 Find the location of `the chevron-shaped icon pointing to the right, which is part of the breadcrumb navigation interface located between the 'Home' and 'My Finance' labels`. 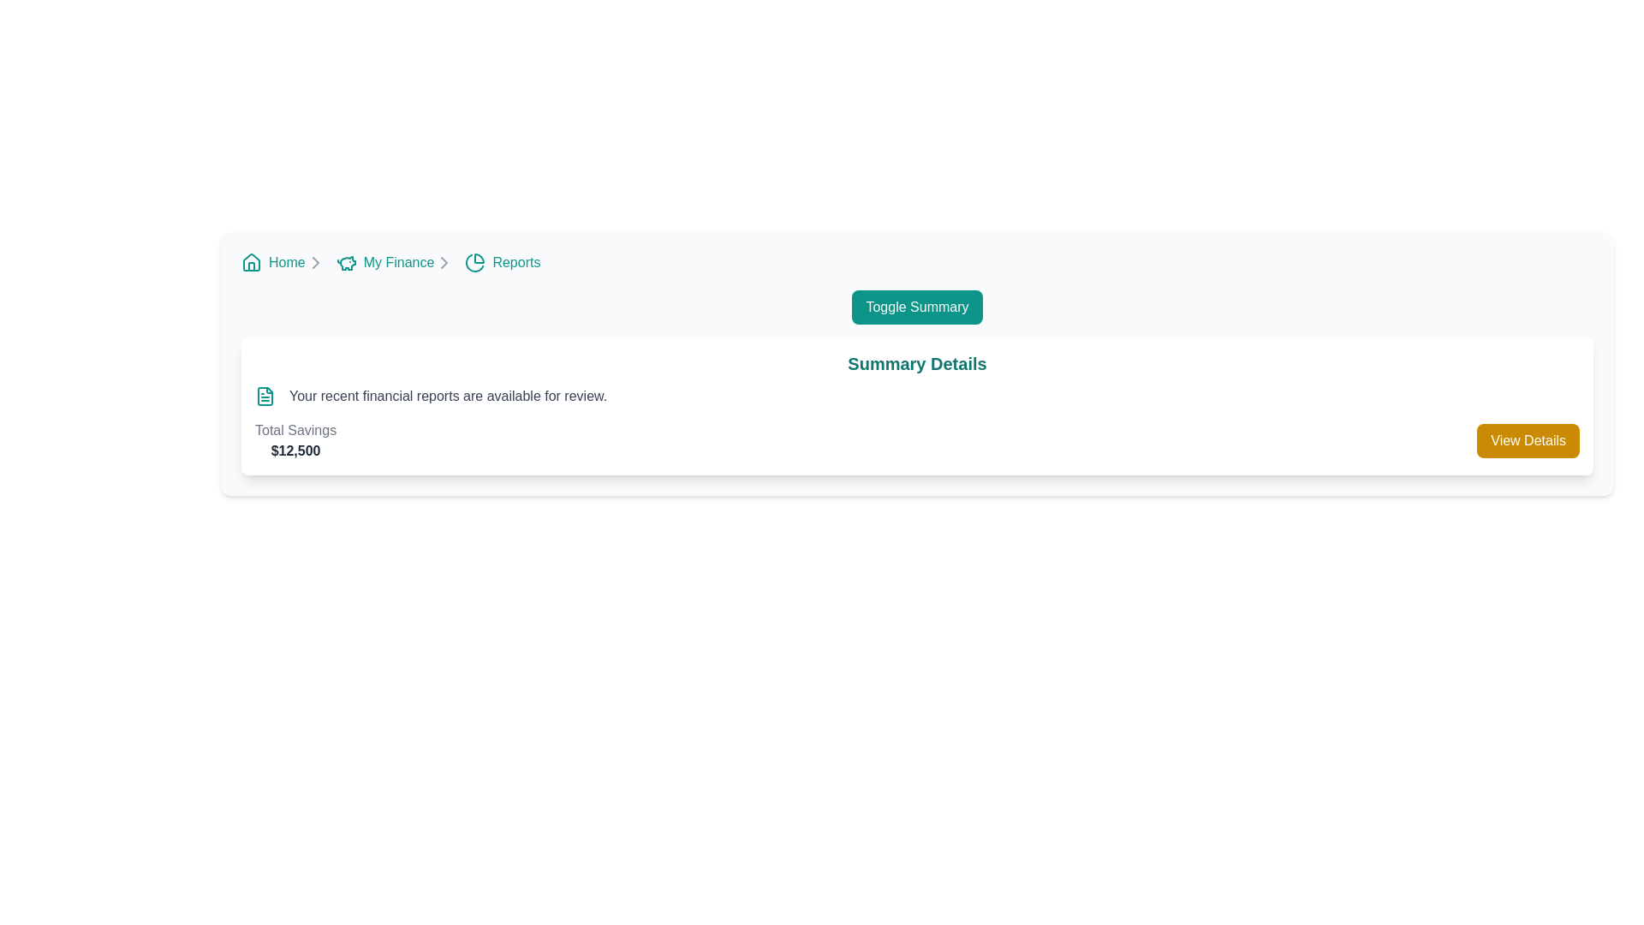

the chevron-shaped icon pointing to the right, which is part of the breadcrumb navigation interface located between the 'Home' and 'My Finance' labels is located at coordinates (444, 263).